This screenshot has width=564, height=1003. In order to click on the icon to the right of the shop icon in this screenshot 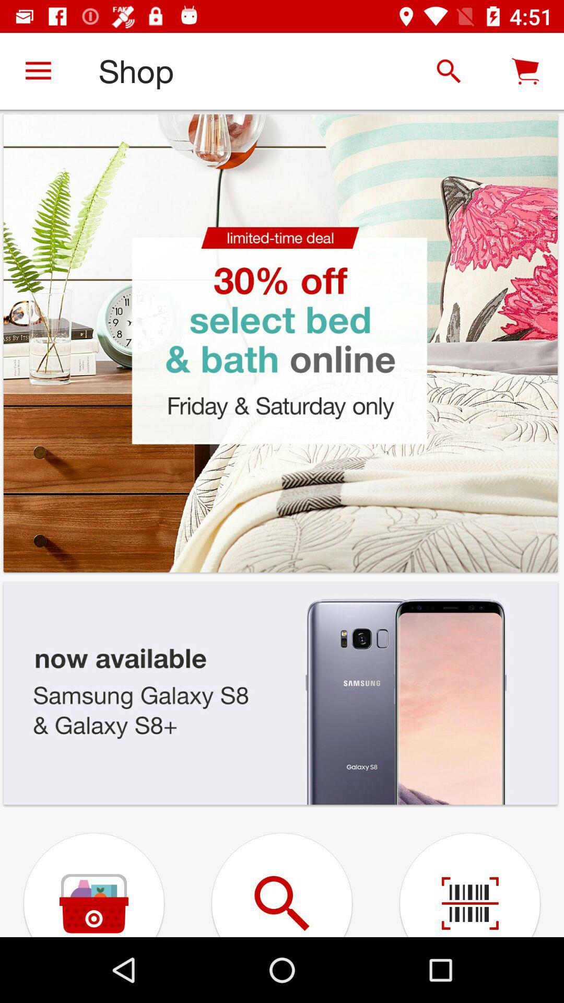, I will do `click(448, 71)`.